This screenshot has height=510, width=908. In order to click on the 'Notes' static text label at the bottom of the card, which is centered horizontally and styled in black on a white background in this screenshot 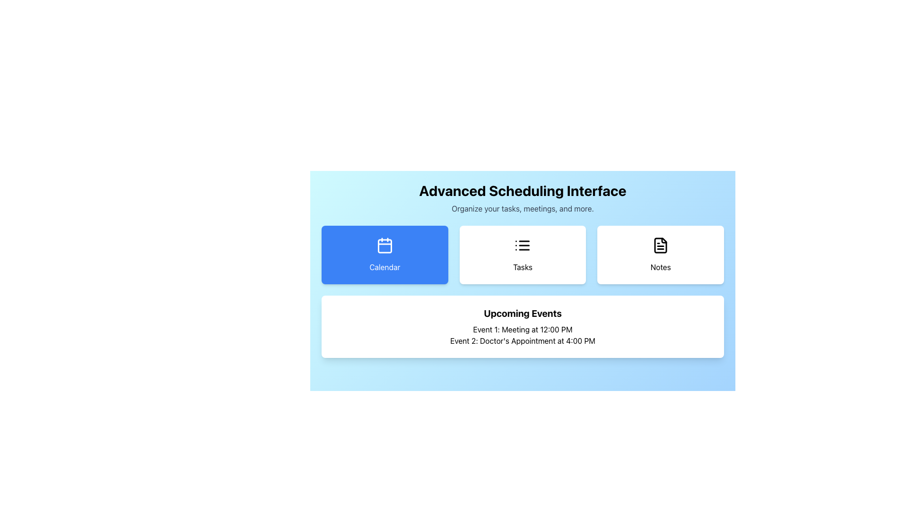, I will do `click(660, 267)`.